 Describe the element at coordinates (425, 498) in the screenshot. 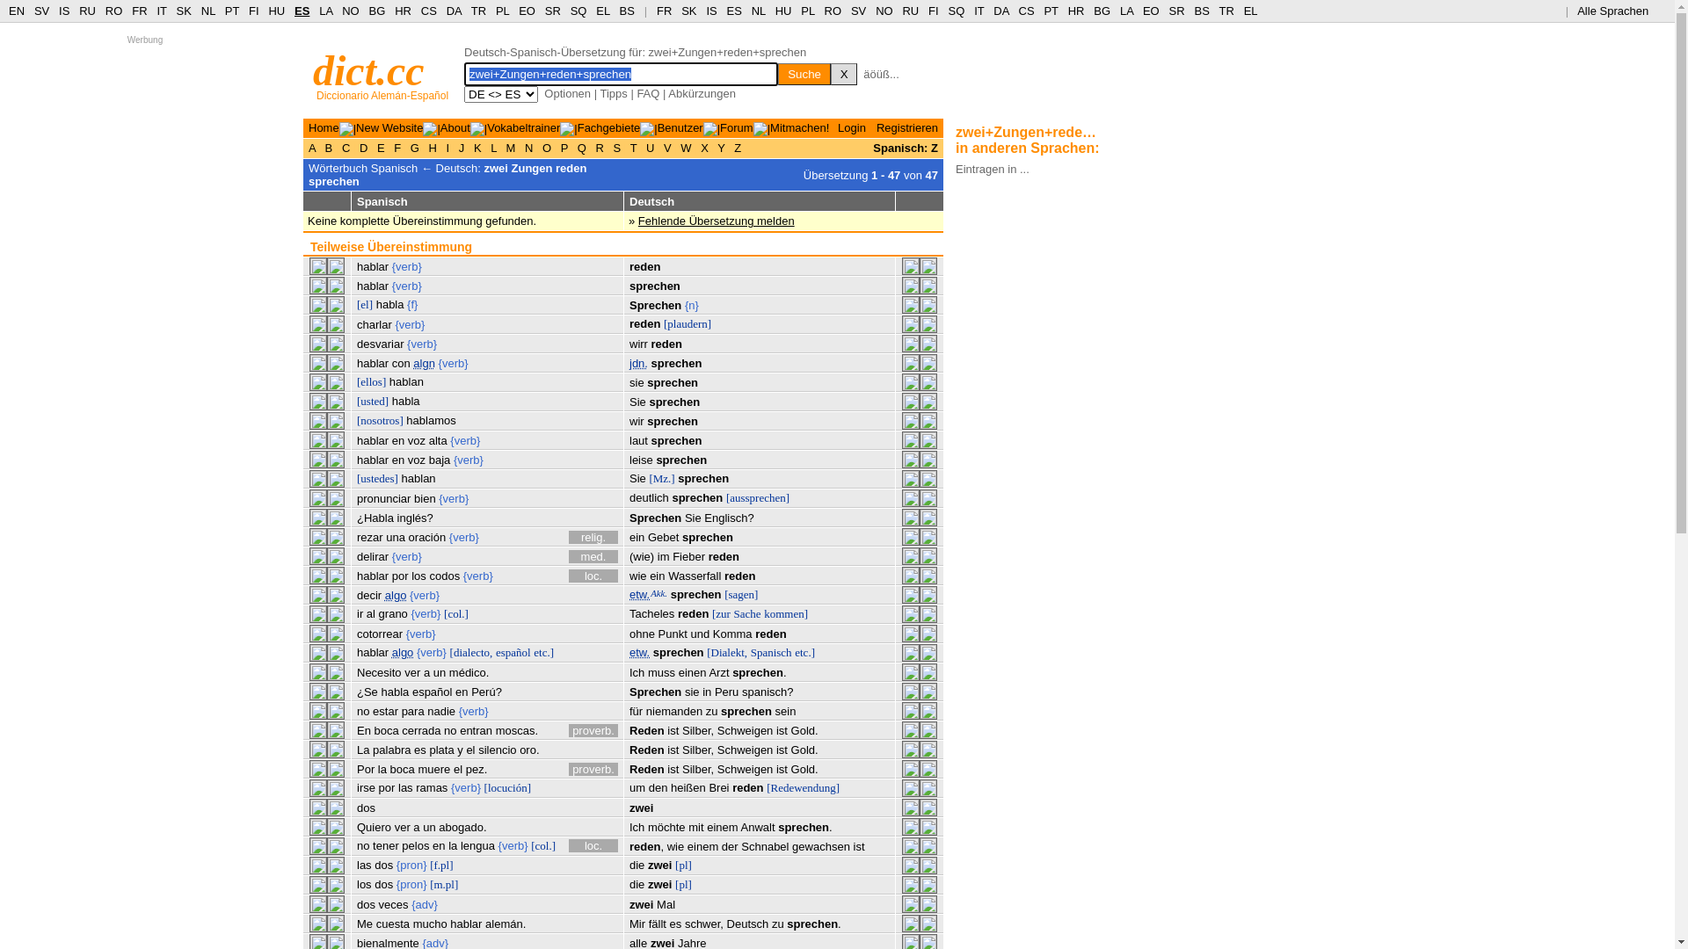

I see `'bien'` at that location.